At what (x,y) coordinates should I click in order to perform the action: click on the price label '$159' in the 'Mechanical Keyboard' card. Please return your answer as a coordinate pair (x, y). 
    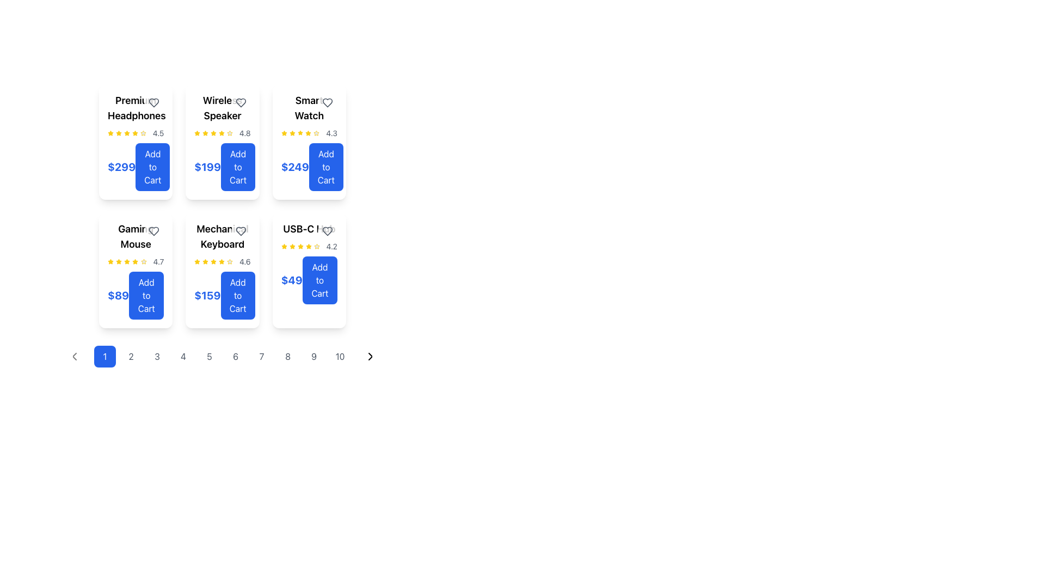
    Looking at the image, I should click on (222, 296).